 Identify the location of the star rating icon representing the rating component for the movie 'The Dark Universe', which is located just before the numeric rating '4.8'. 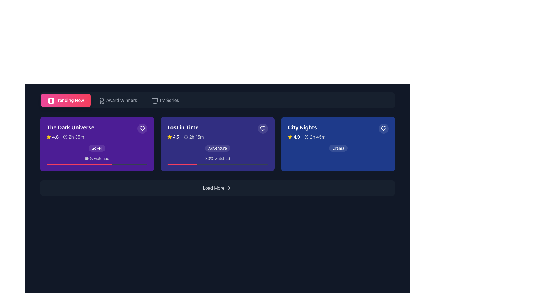
(49, 137).